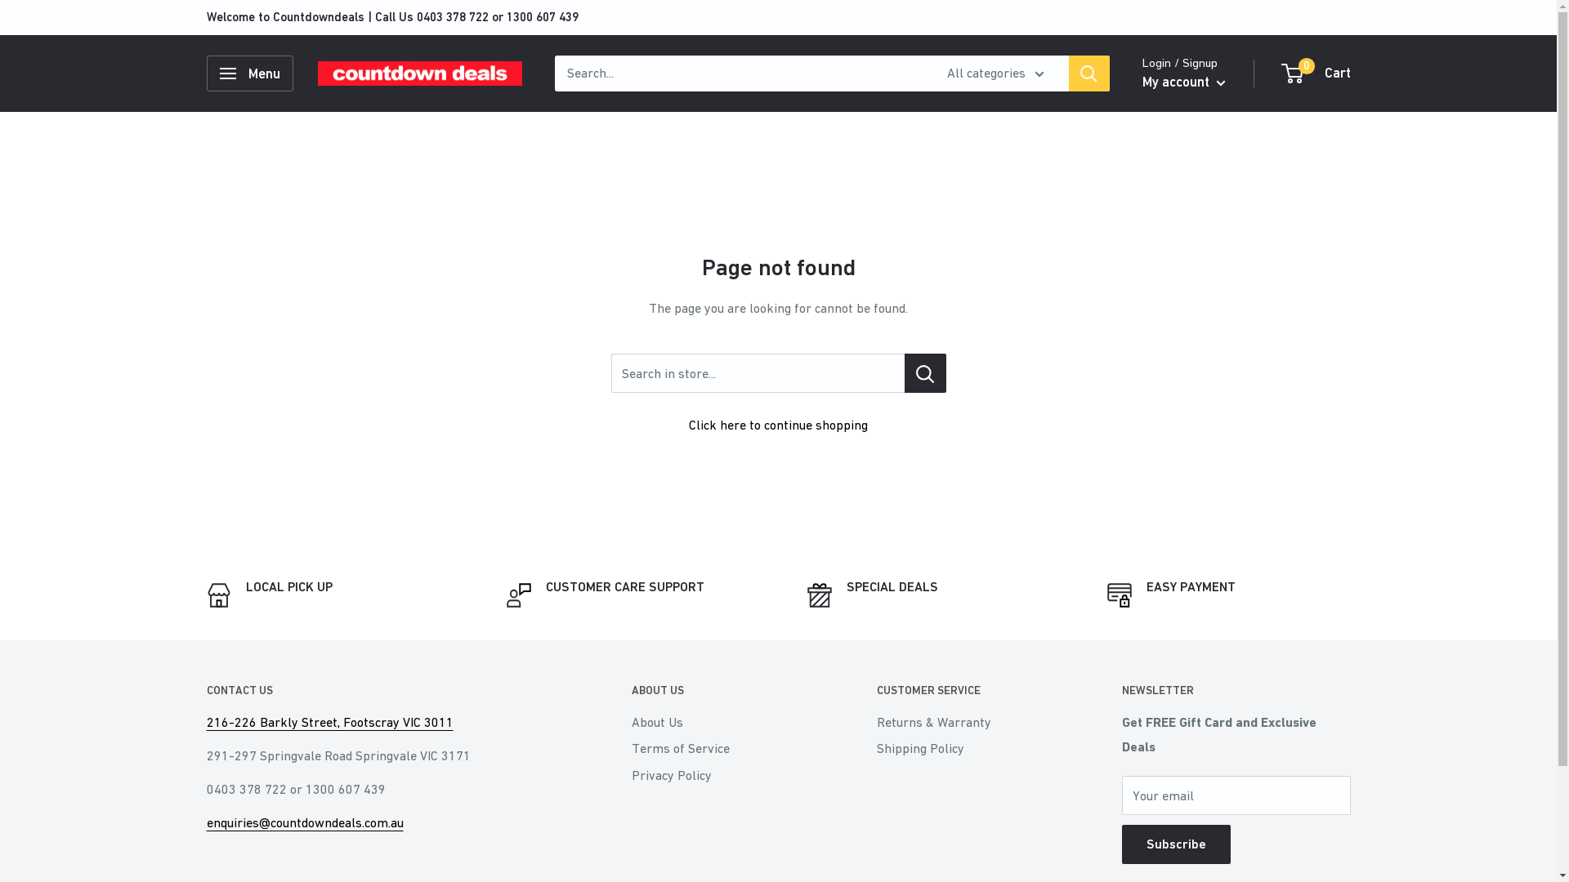  What do you see at coordinates (874, 690) in the screenshot?
I see `'CUSTOMER SERVICE'` at bounding box center [874, 690].